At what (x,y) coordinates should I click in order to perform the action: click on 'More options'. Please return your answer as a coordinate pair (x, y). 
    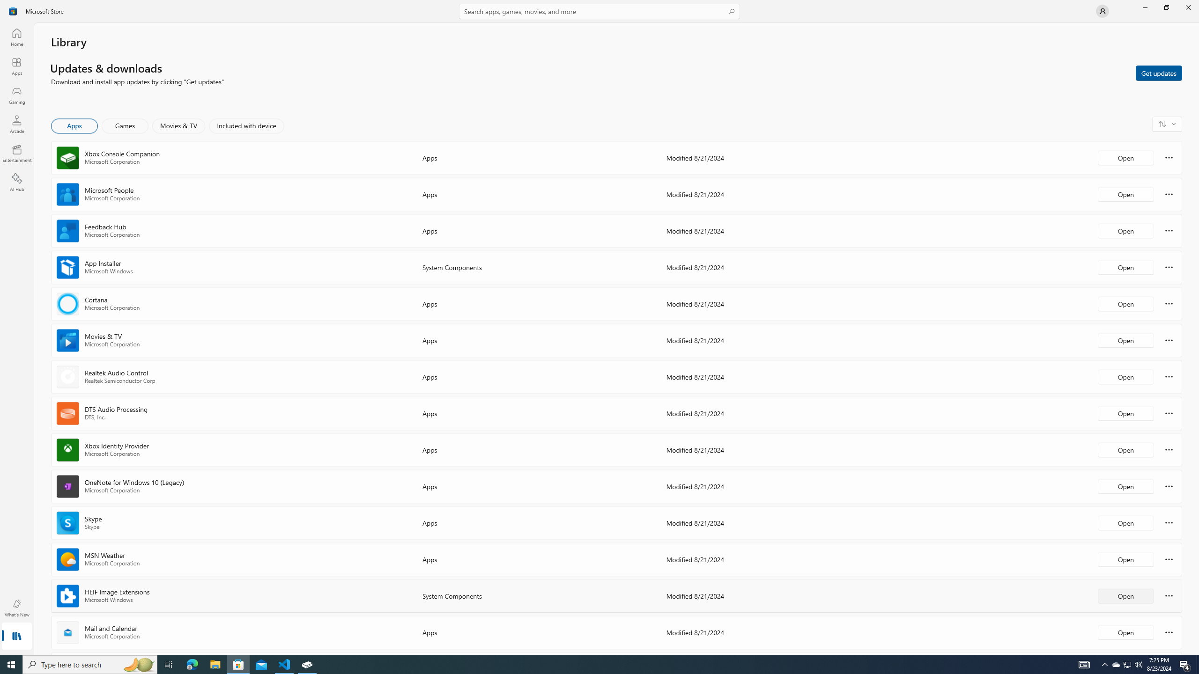
    Looking at the image, I should click on (1169, 631).